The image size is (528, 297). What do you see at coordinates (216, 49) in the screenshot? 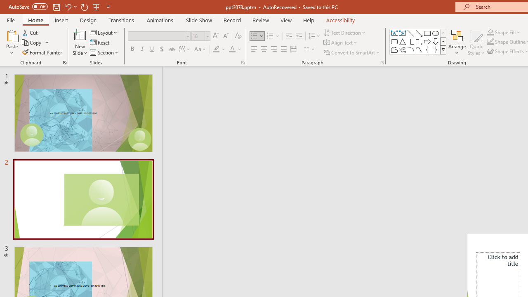
I see `'Text Highlight Color Yellow'` at bounding box center [216, 49].